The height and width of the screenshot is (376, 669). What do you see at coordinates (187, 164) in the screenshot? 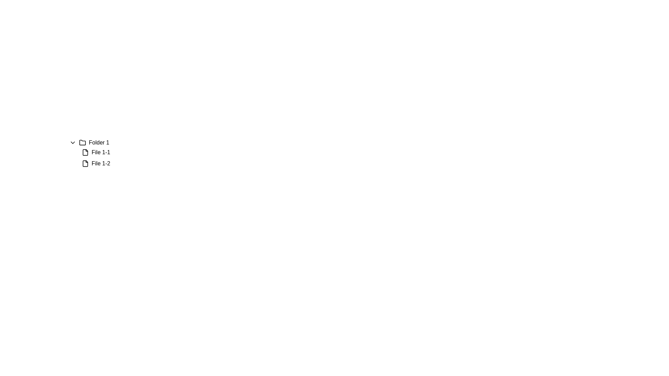
I see `the file list entry for 'File 1-2'` at bounding box center [187, 164].